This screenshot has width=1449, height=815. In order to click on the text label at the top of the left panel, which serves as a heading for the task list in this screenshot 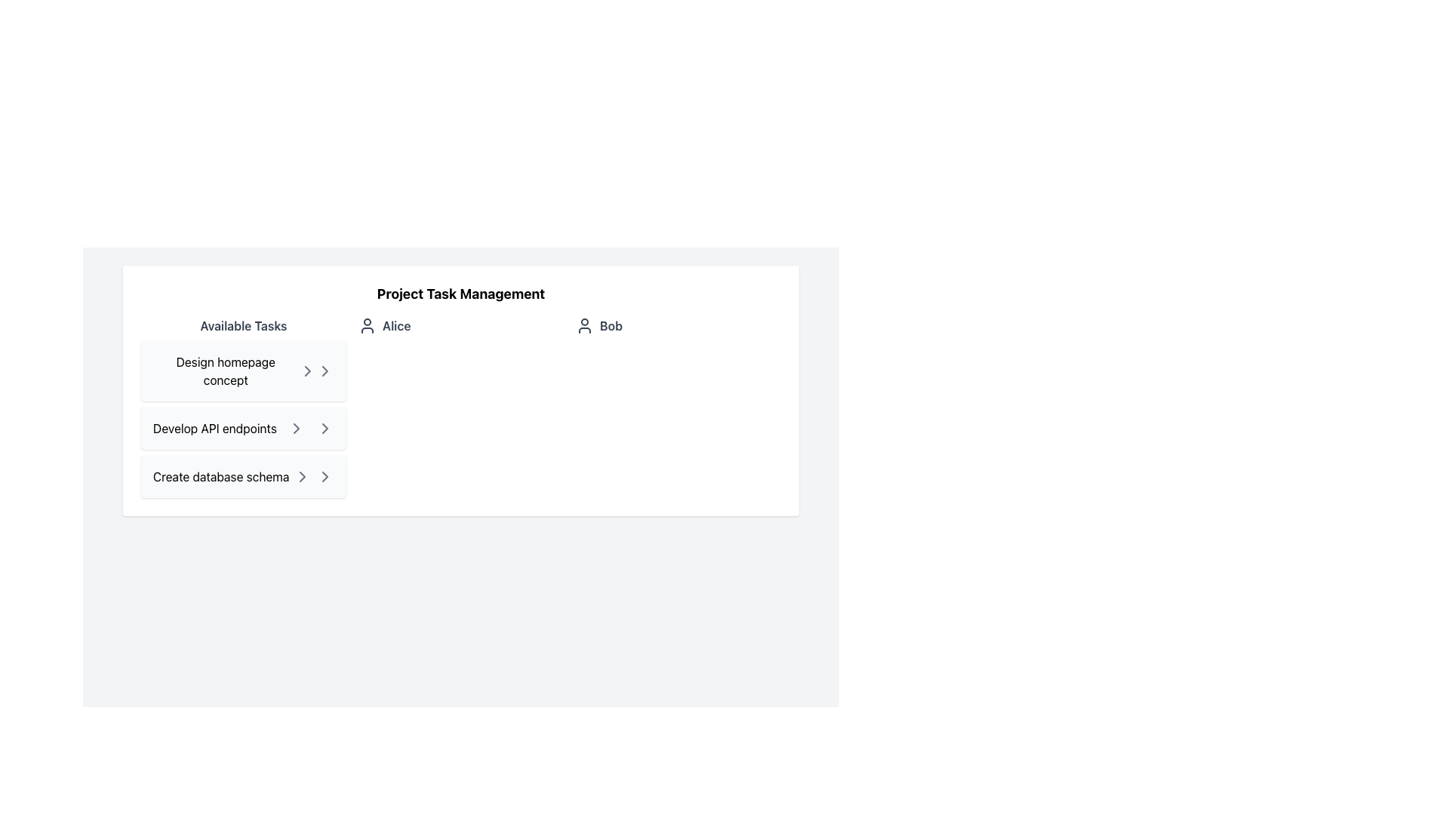, I will do `click(243, 325)`.